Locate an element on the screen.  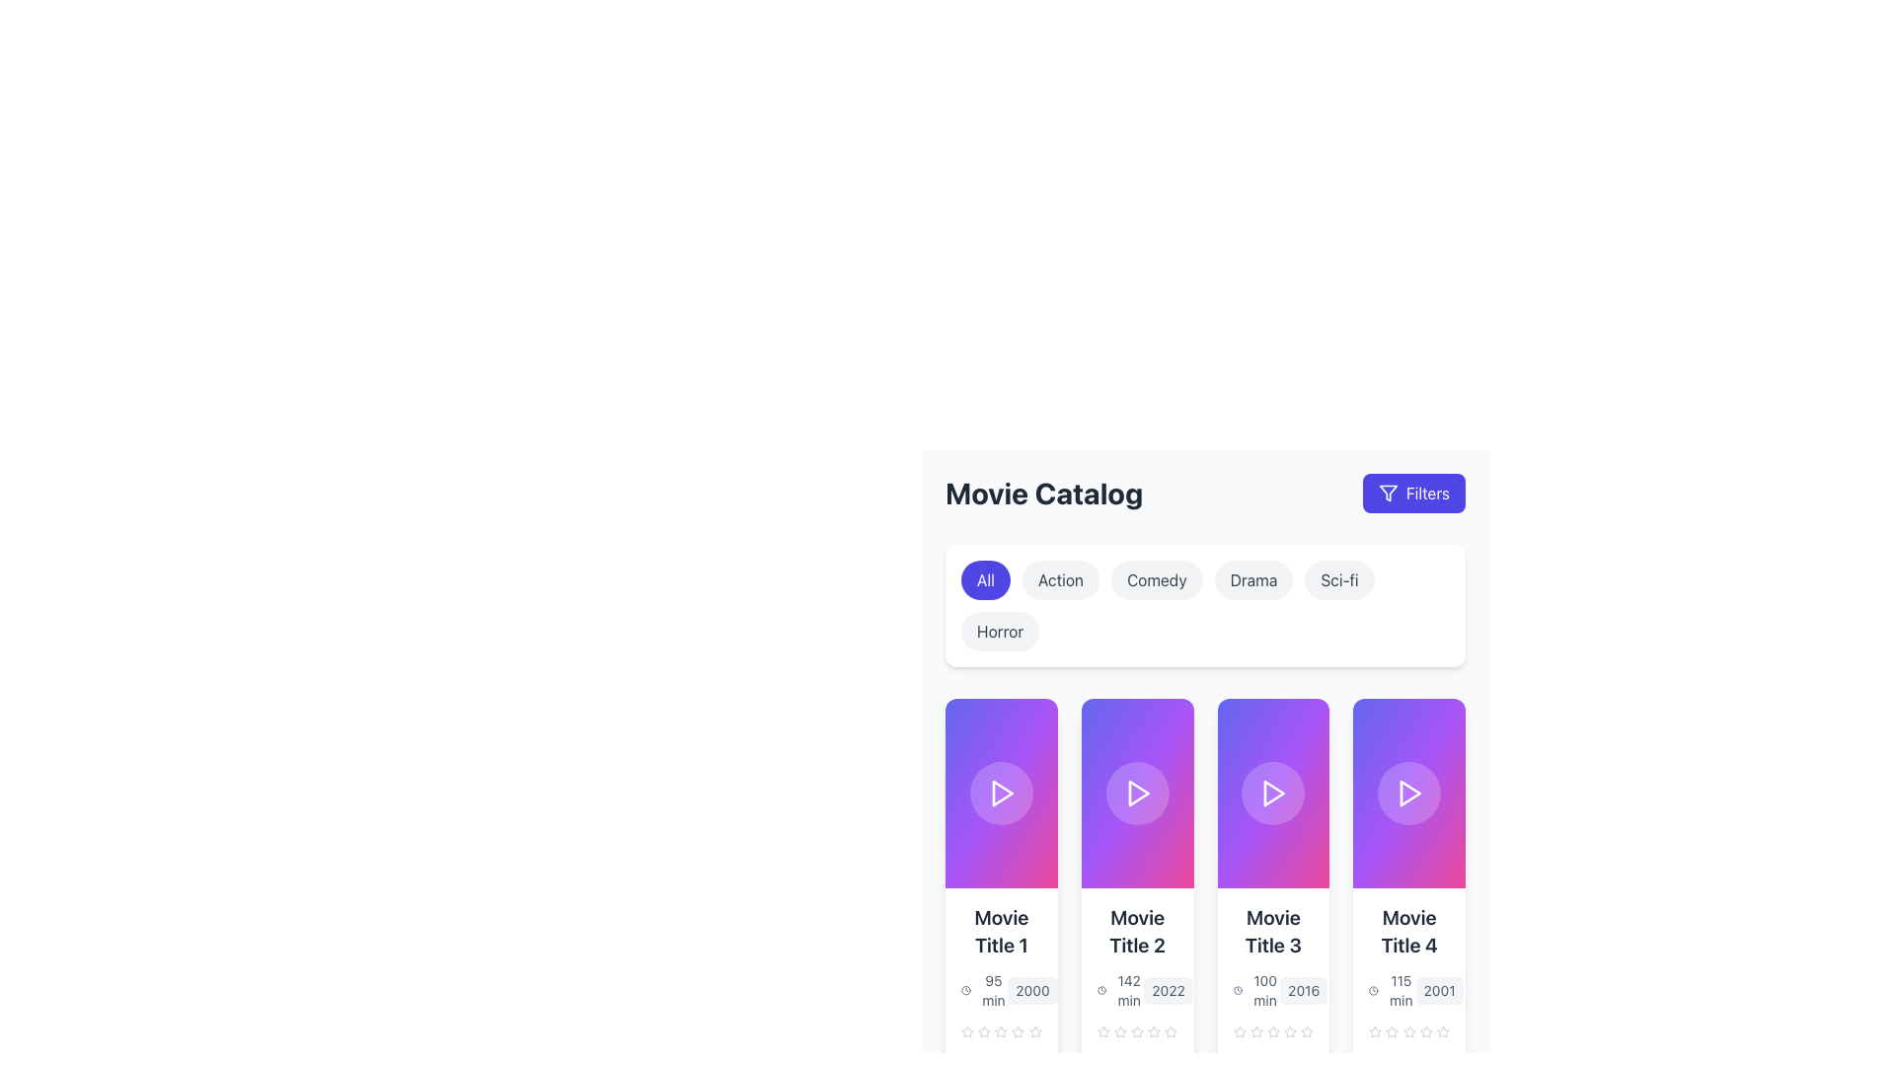
the label displaying the movie duration '142 min', which is located beneath 'Movie Title 2' and to the left of '2022' is located at coordinates (1120, 990).